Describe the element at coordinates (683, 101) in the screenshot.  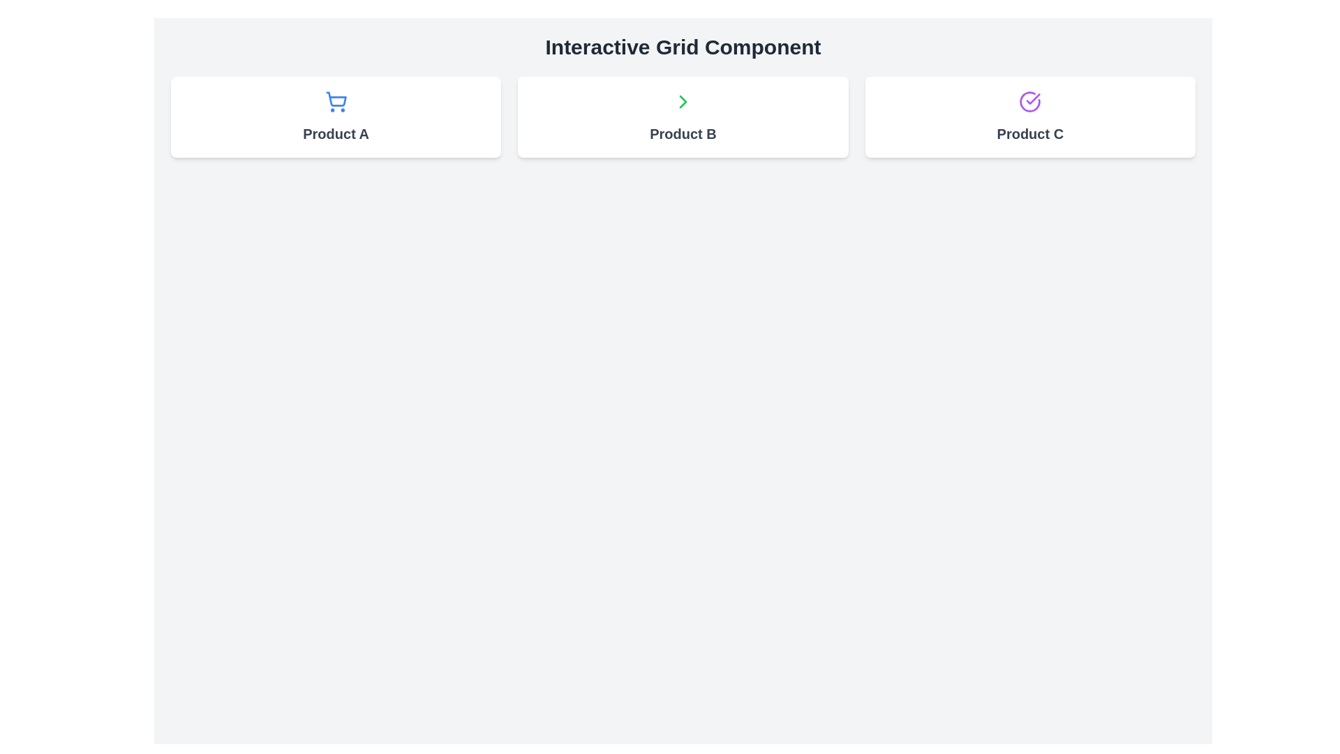
I see `the green rightward chevron icon located within the white card labeled 'Product B'` at that location.